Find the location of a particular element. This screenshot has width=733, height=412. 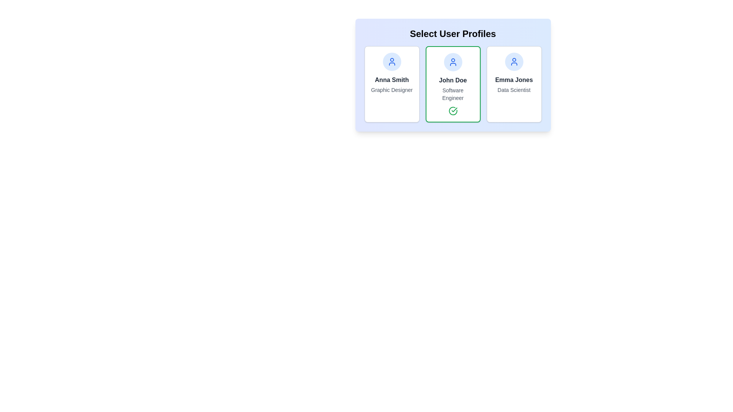

the profile card of John Doe to observe its scaling animation is located at coordinates (453, 84).